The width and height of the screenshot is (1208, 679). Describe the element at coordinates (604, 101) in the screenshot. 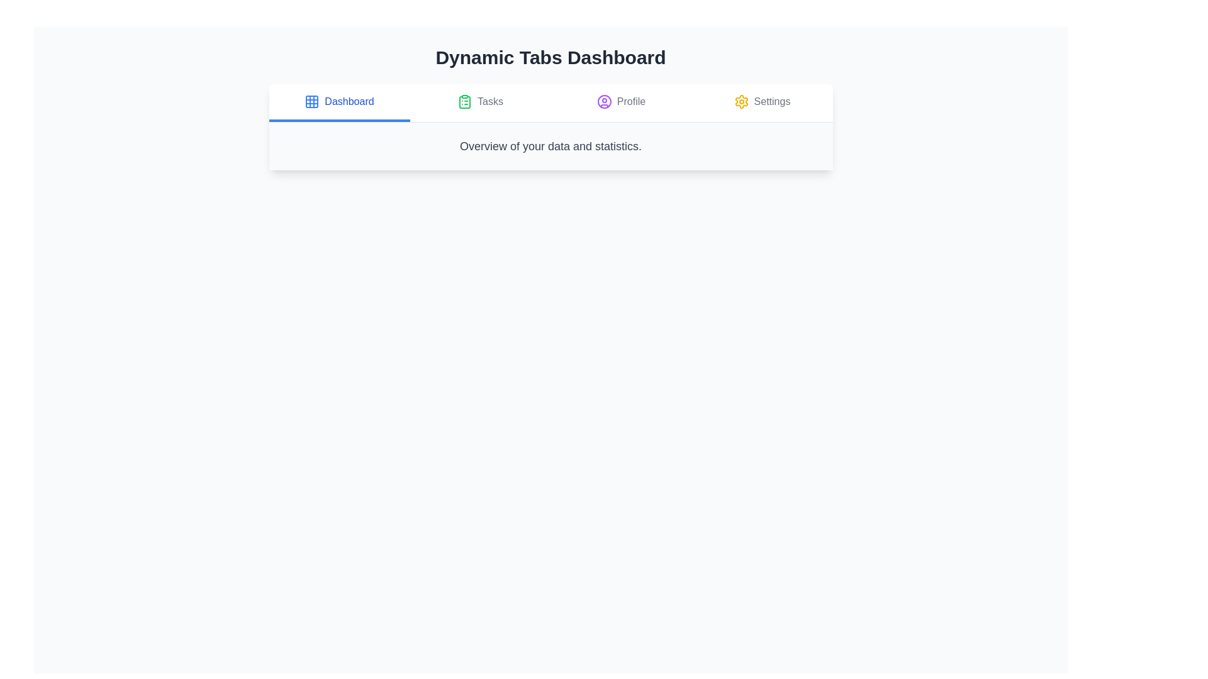

I see `the circular icon representing a user profile, which is located in the center of the purple-themed user profile icon, just right of the 'Profile' text in the main navigation bar` at that location.